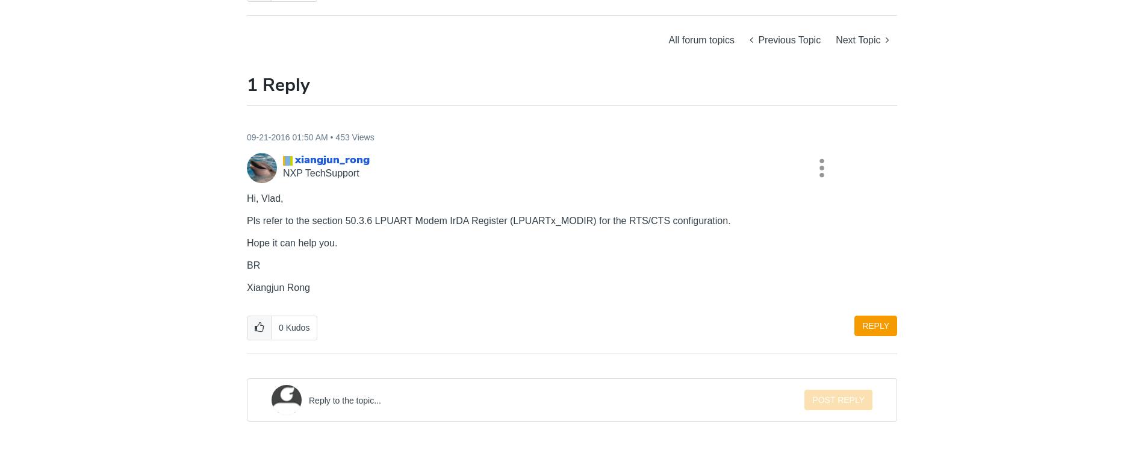 Image resolution: width=1144 pixels, height=462 pixels. Describe the element at coordinates (285, 328) in the screenshot. I see `'Kudos'` at that location.